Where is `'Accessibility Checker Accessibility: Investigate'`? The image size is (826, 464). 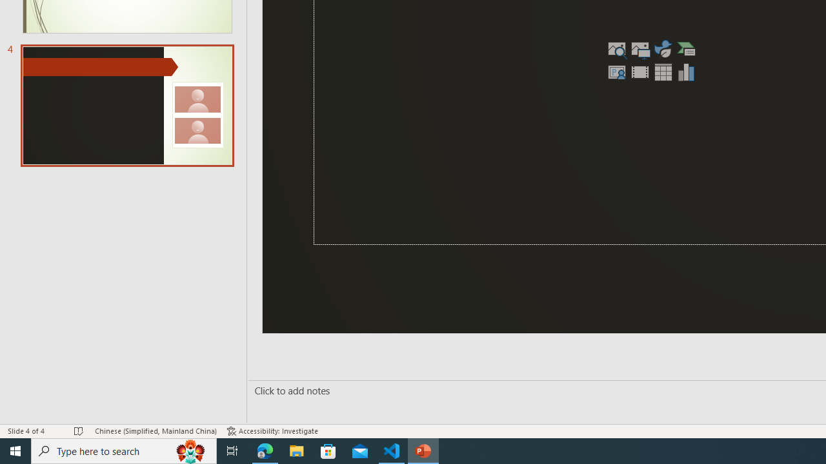 'Accessibility Checker Accessibility: Investigate' is located at coordinates (272, 431).